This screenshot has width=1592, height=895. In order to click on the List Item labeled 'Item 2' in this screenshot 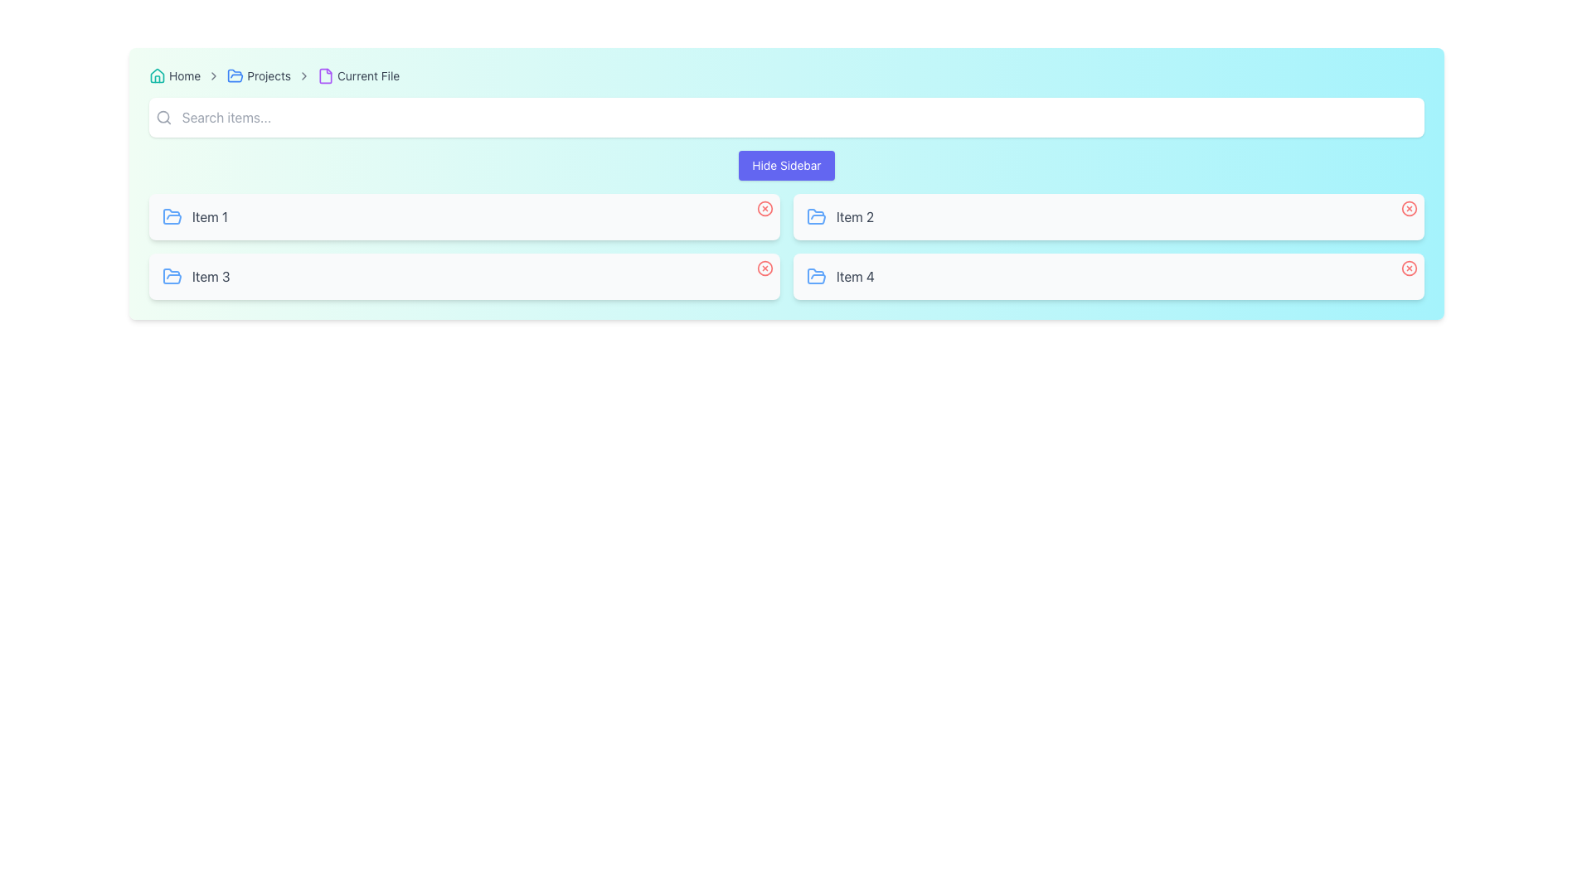, I will do `click(1109, 216)`.